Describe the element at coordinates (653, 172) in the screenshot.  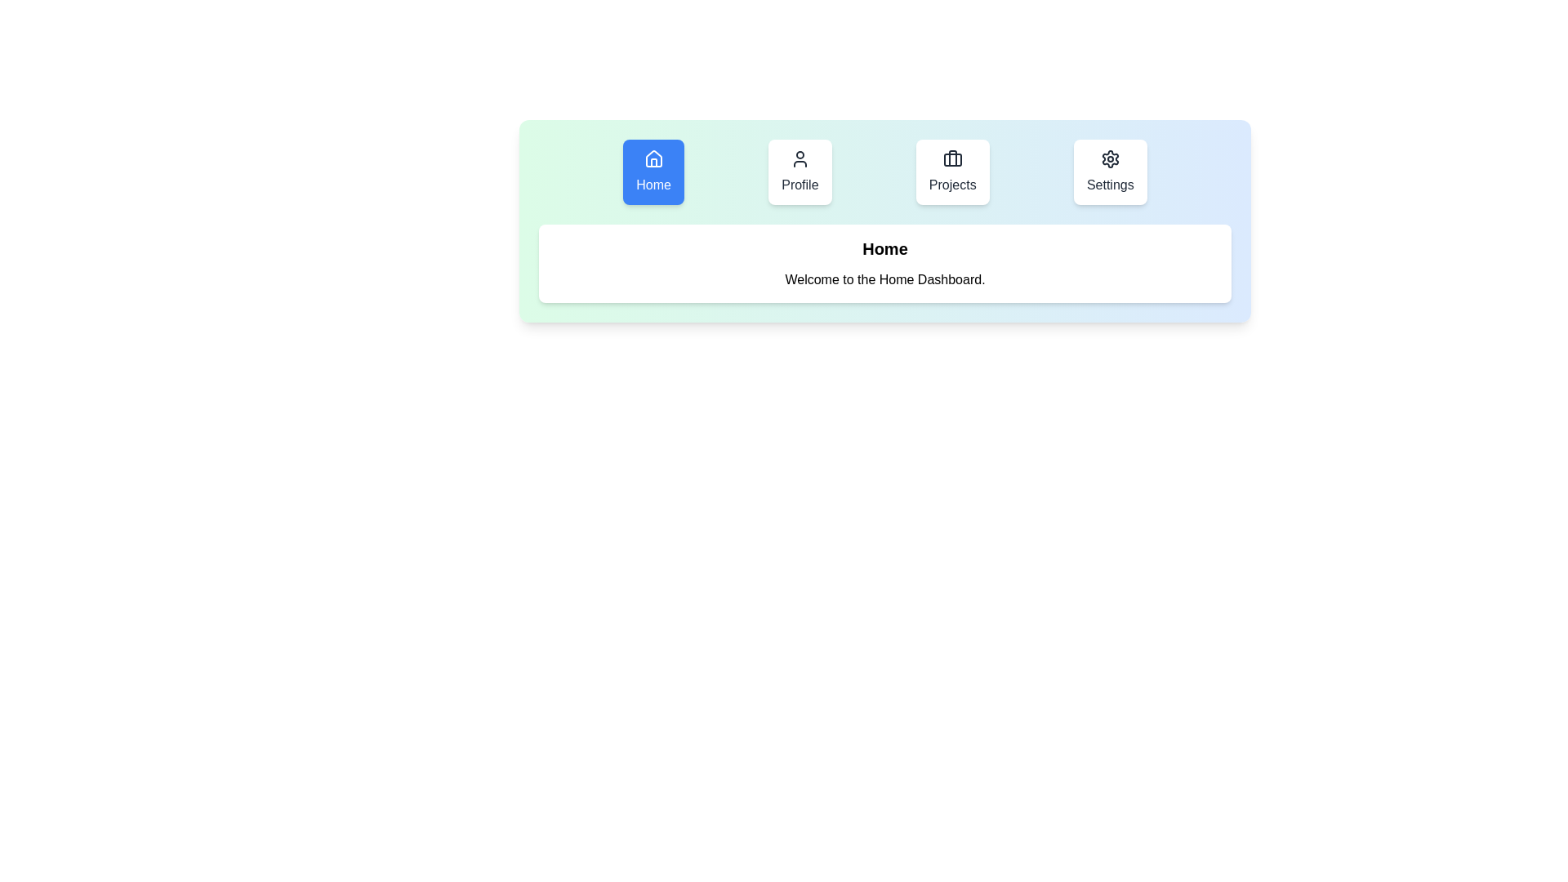
I see `the Home tab to observe its hover effect` at that location.